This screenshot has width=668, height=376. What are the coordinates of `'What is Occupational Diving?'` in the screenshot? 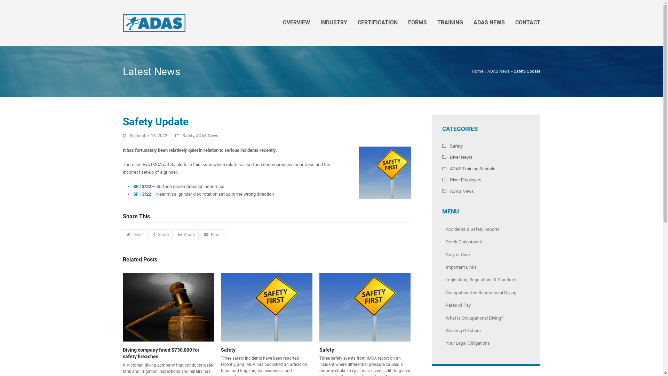 It's located at (485, 318).